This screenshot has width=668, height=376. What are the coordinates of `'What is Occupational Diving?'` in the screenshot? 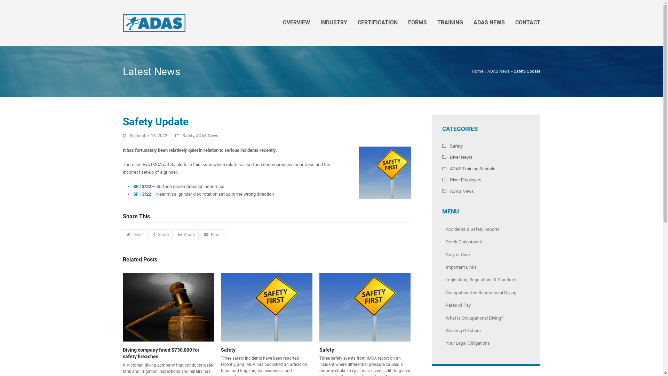 It's located at (485, 318).